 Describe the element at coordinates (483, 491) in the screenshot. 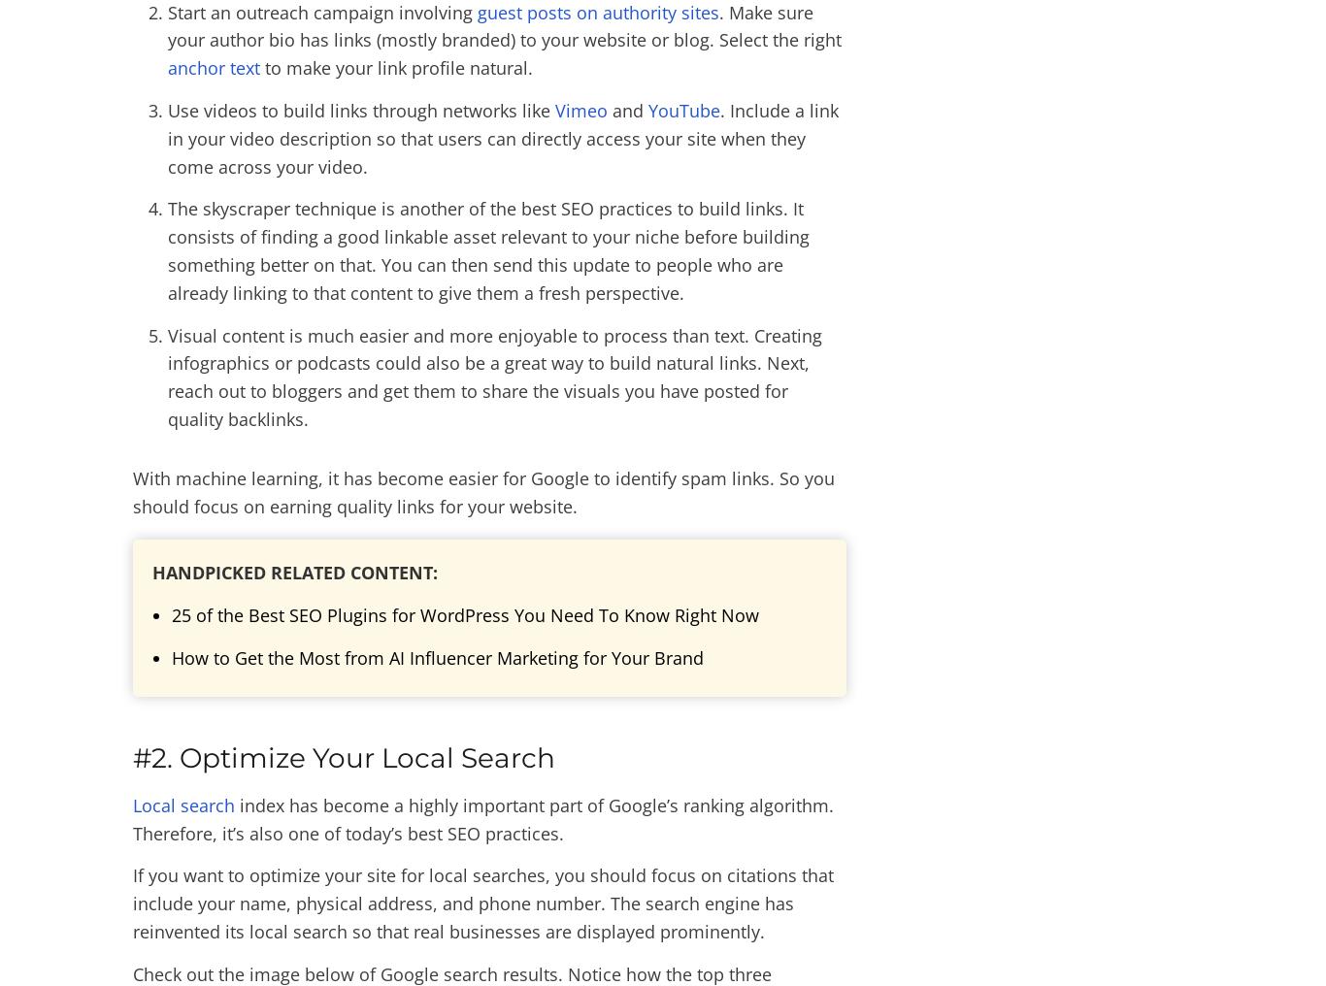

I see `'With machine learning, it has become easier for Google to identify spam links. So you should focus on earning quality links for your website.'` at that location.